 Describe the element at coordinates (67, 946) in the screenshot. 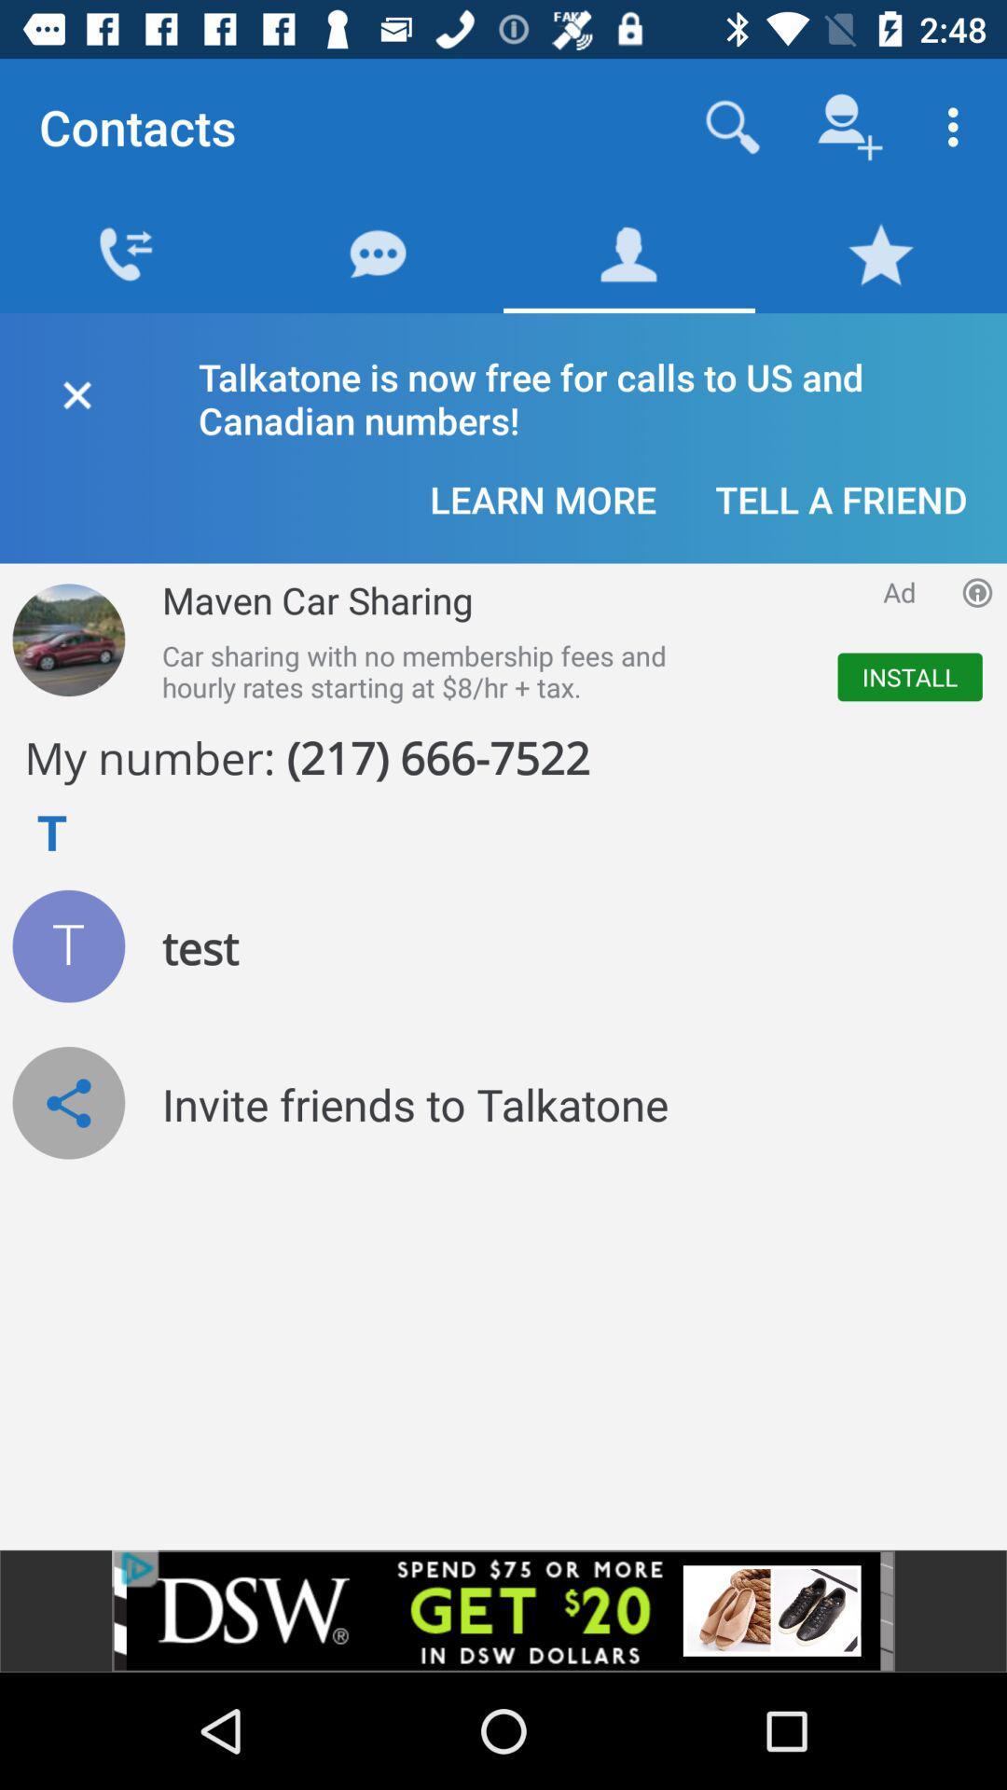

I see `show profile page` at that location.